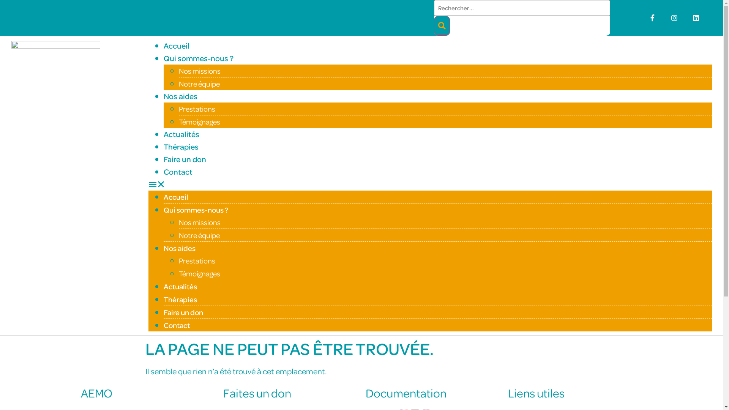 The width and height of the screenshot is (729, 410). I want to click on 'Accueil', so click(175, 196).